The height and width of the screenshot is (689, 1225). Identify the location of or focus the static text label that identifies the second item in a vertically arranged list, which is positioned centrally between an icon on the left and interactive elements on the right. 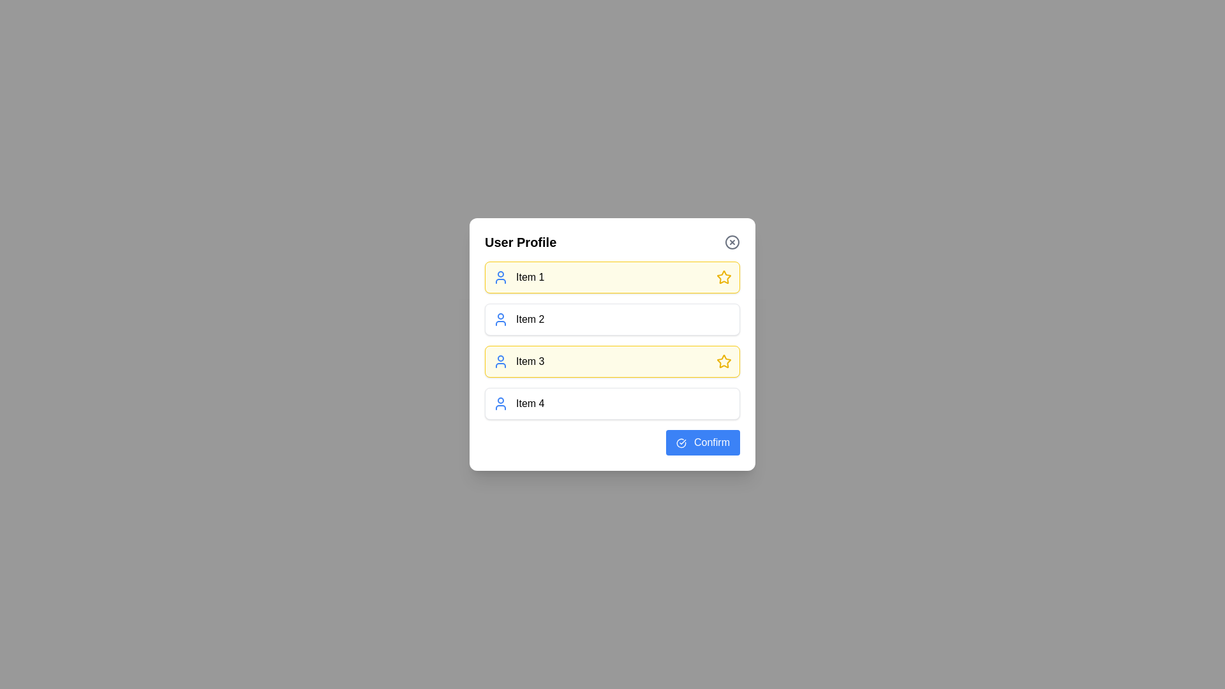
(624, 319).